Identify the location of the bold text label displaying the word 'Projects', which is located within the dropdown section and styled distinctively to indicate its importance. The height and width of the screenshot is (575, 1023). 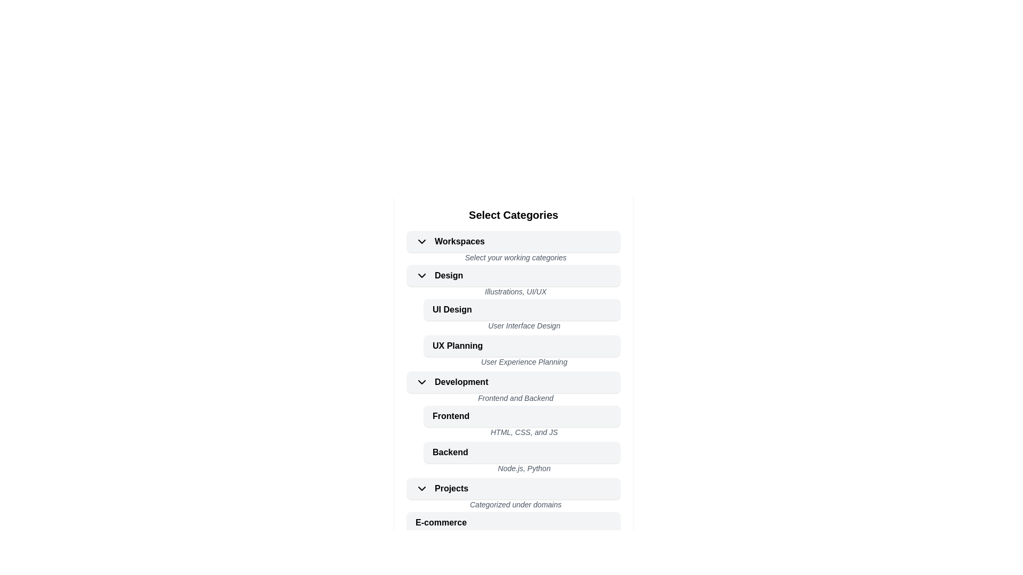
(451, 489).